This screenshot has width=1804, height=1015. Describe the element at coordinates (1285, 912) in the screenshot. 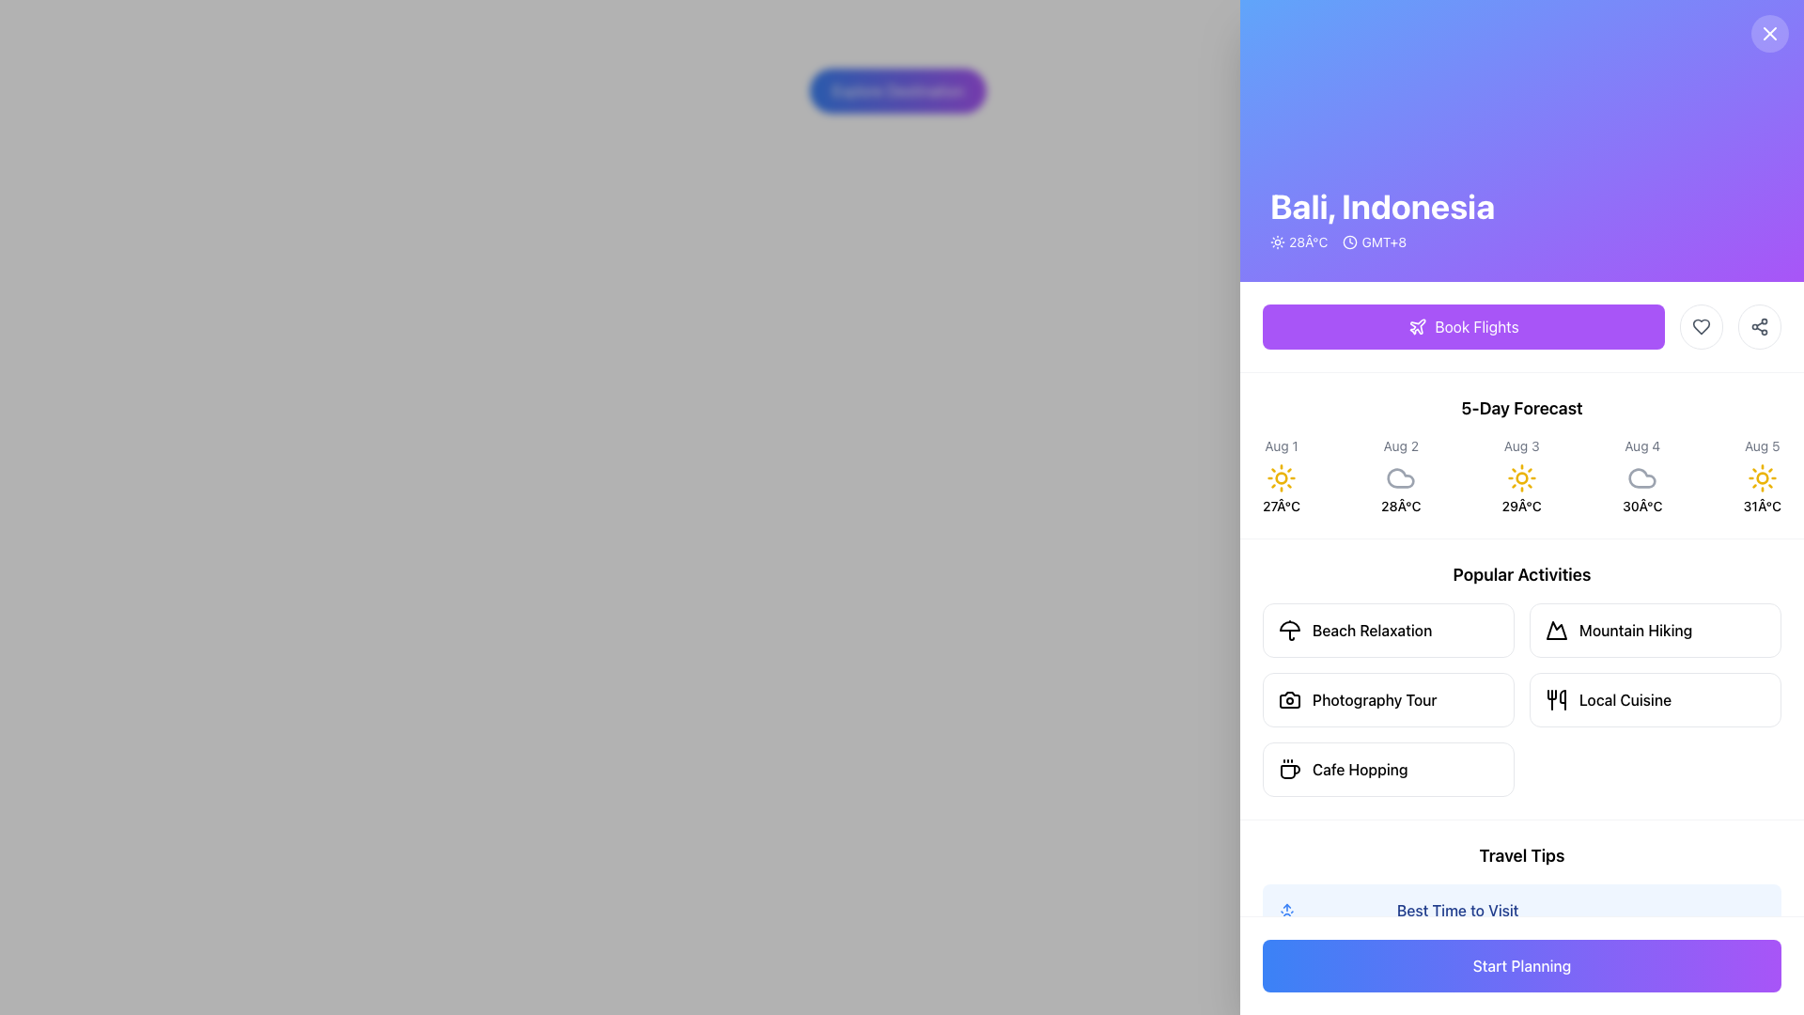

I see `the blue sunrise SVG icon located at the top-left corner of the highlighted box containing travel tips` at that location.